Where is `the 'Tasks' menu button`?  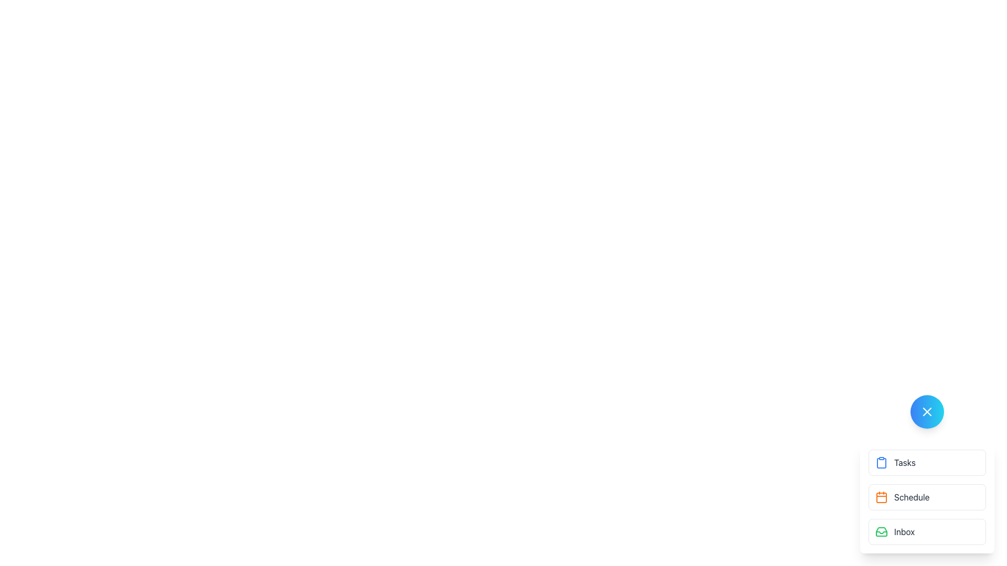 the 'Tasks' menu button is located at coordinates (927, 462).